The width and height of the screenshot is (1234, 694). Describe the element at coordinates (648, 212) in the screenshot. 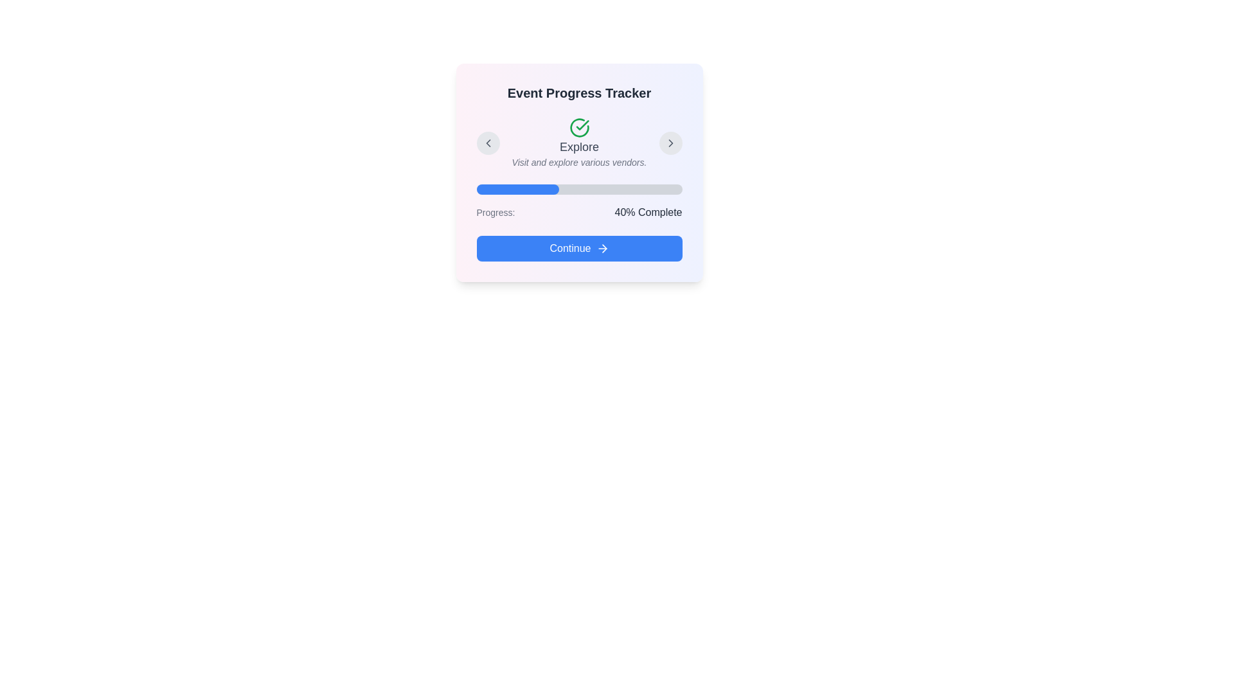

I see `text label displaying '40% Complete', which is styled in bold and medium font size, positioned to the right of 'Progress:' and above the 'Continue' button` at that location.